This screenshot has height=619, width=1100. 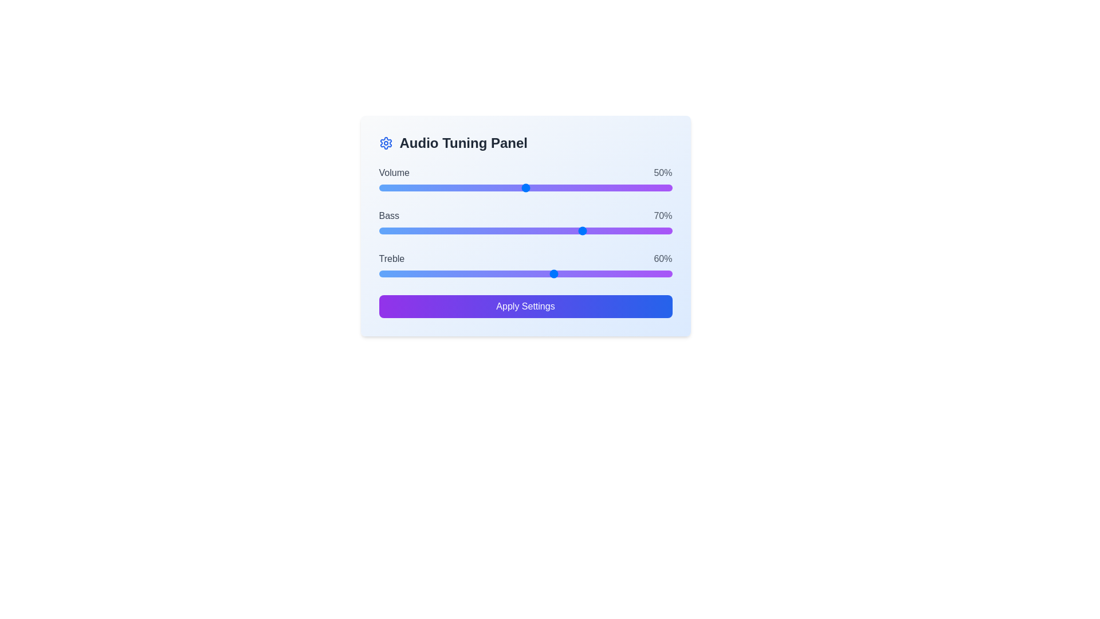 What do you see at coordinates (663, 258) in the screenshot?
I see `the Text Label displaying the current percentage value for the 'Treble' setting` at bounding box center [663, 258].